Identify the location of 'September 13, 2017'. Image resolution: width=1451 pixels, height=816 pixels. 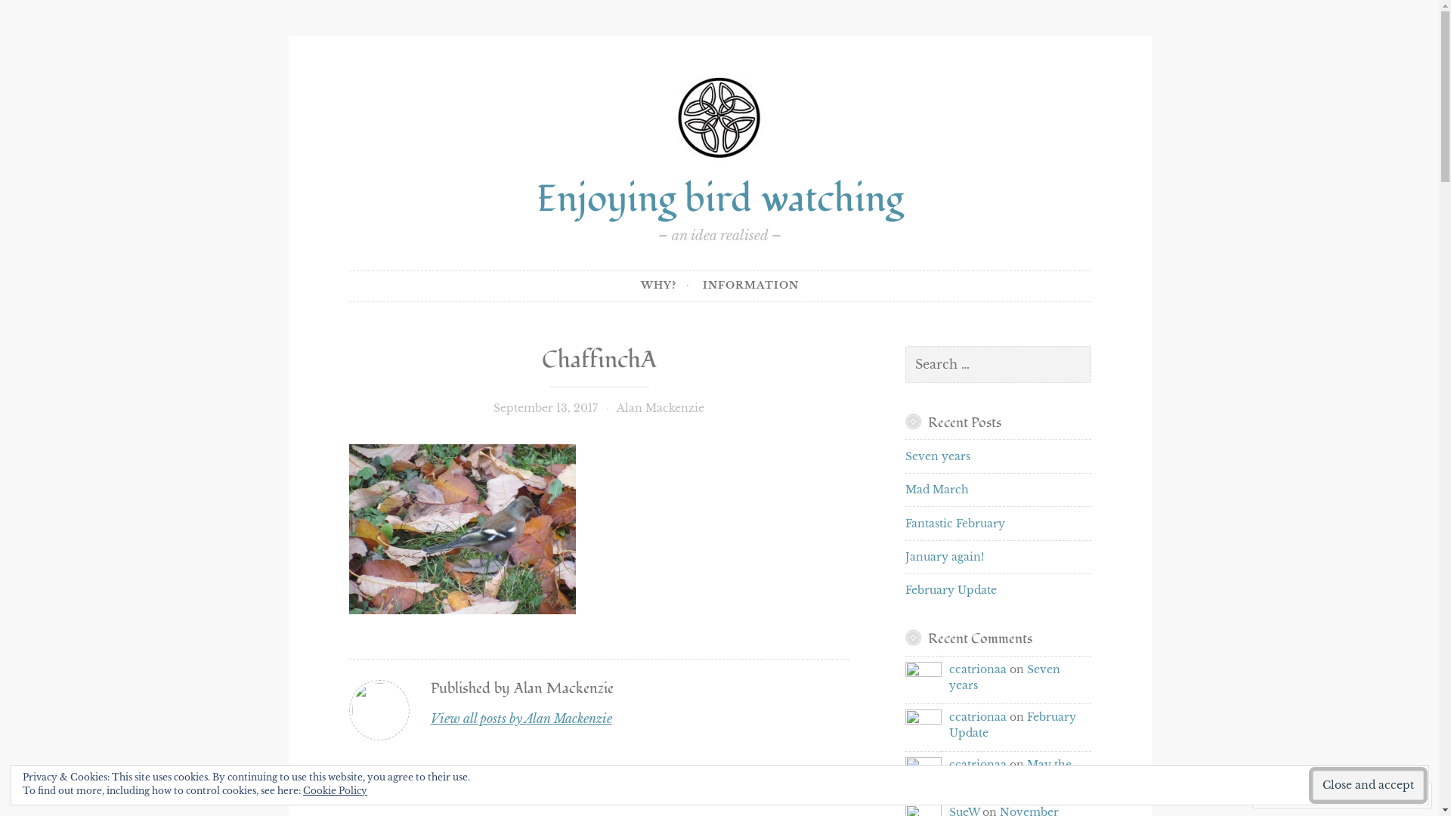
(493, 408).